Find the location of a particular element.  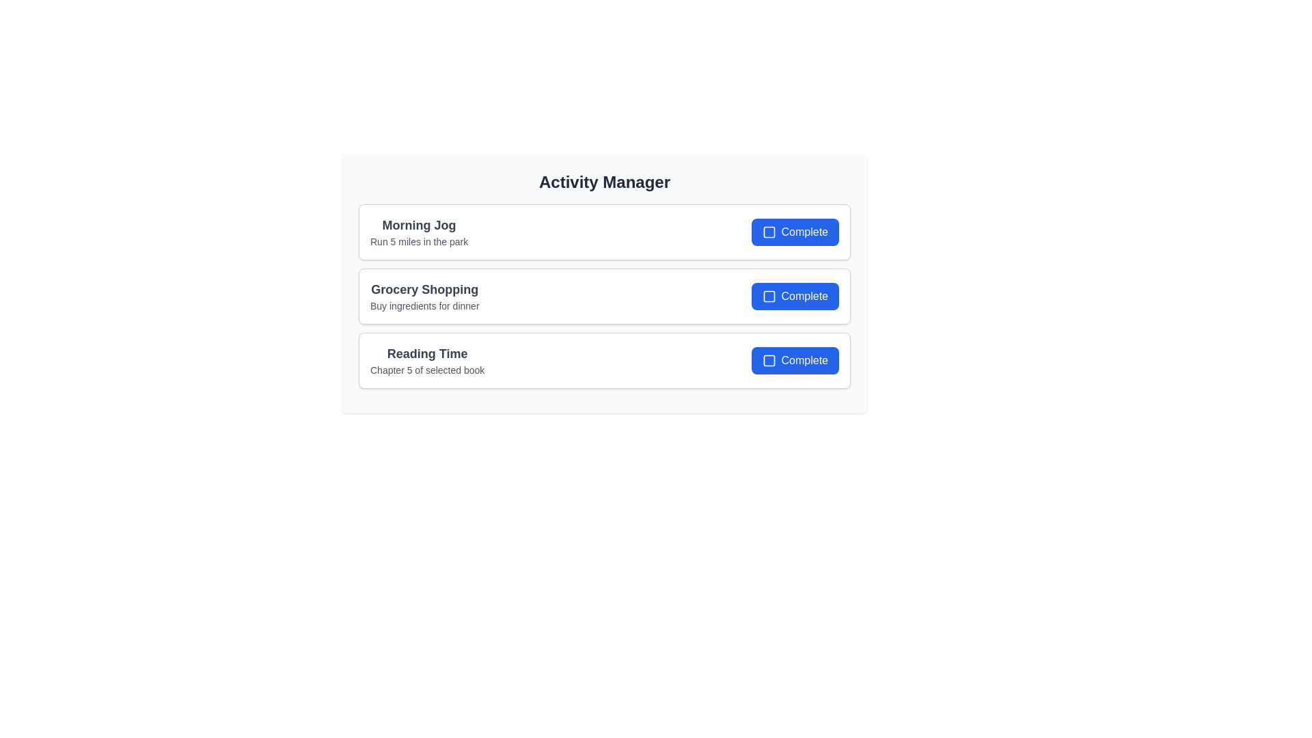

the small square outlined icon located on the left side of the blue button labeled 'Complete' for the first task item 'Morning Jog' is located at coordinates (769, 231).